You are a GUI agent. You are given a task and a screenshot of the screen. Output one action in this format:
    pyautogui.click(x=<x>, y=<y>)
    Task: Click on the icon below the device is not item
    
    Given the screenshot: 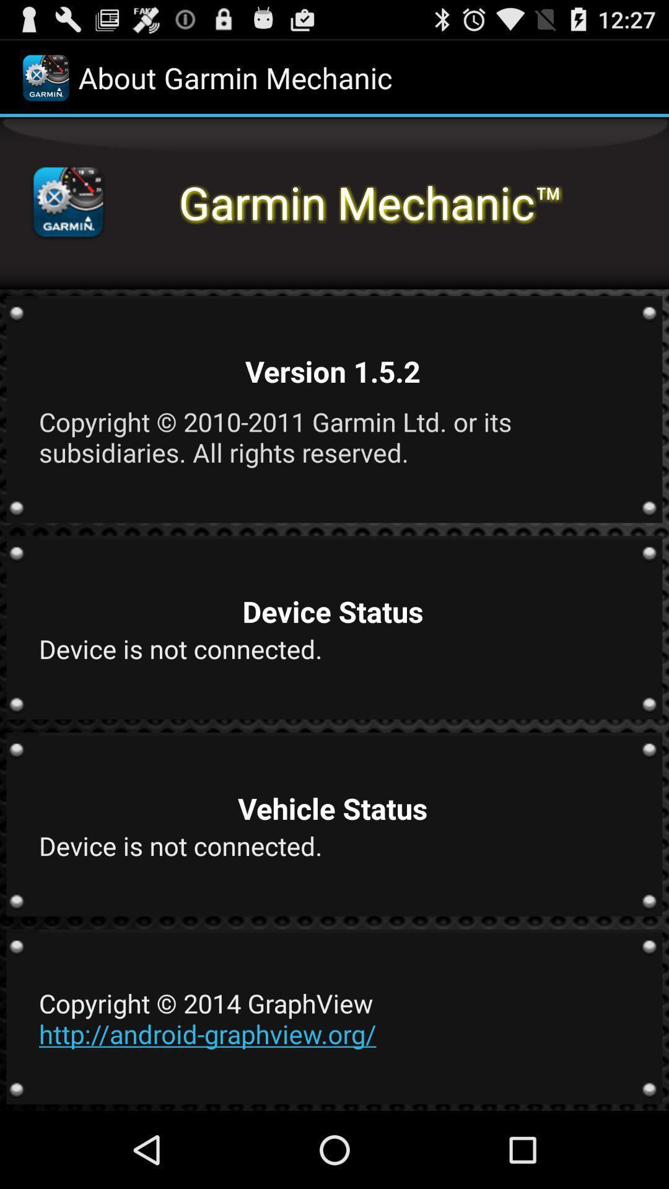 What is the action you would take?
    pyautogui.click(x=332, y=1018)
    